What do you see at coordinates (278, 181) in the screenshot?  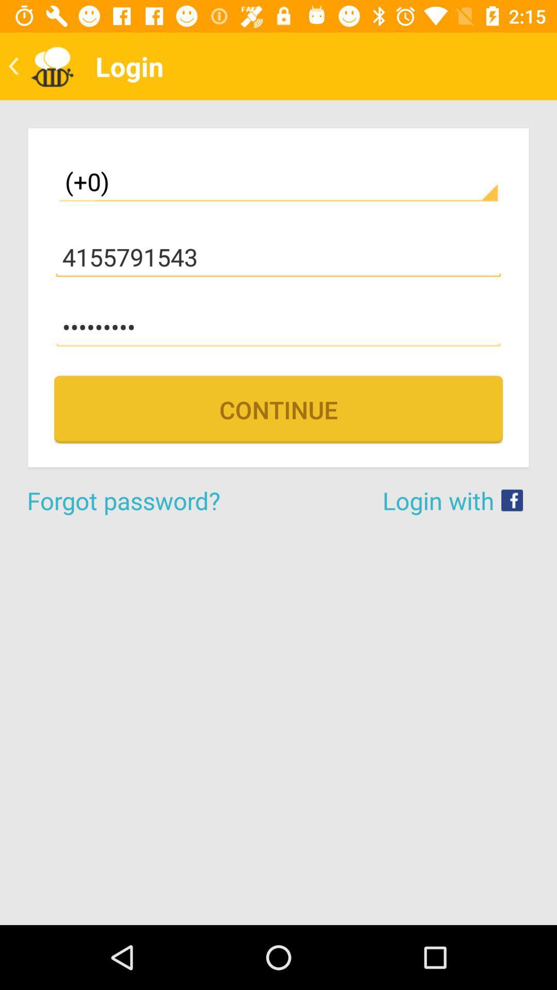 I see `the item above the 4155791543 item` at bounding box center [278, 181].